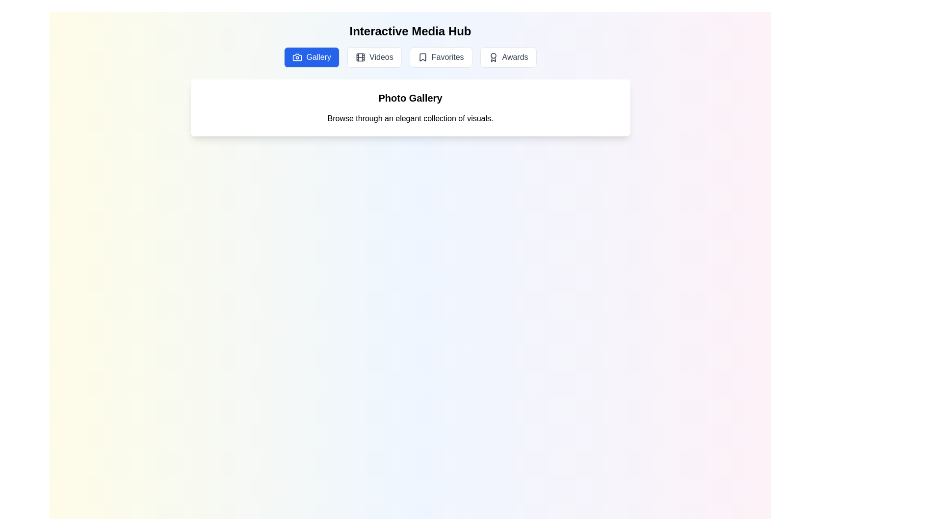  Describe the element at coordinates (297, 57) in the screenshot. I see `the camera icon located within the blue rectangular 'Gallery' button at the top left of the interface` at that location.